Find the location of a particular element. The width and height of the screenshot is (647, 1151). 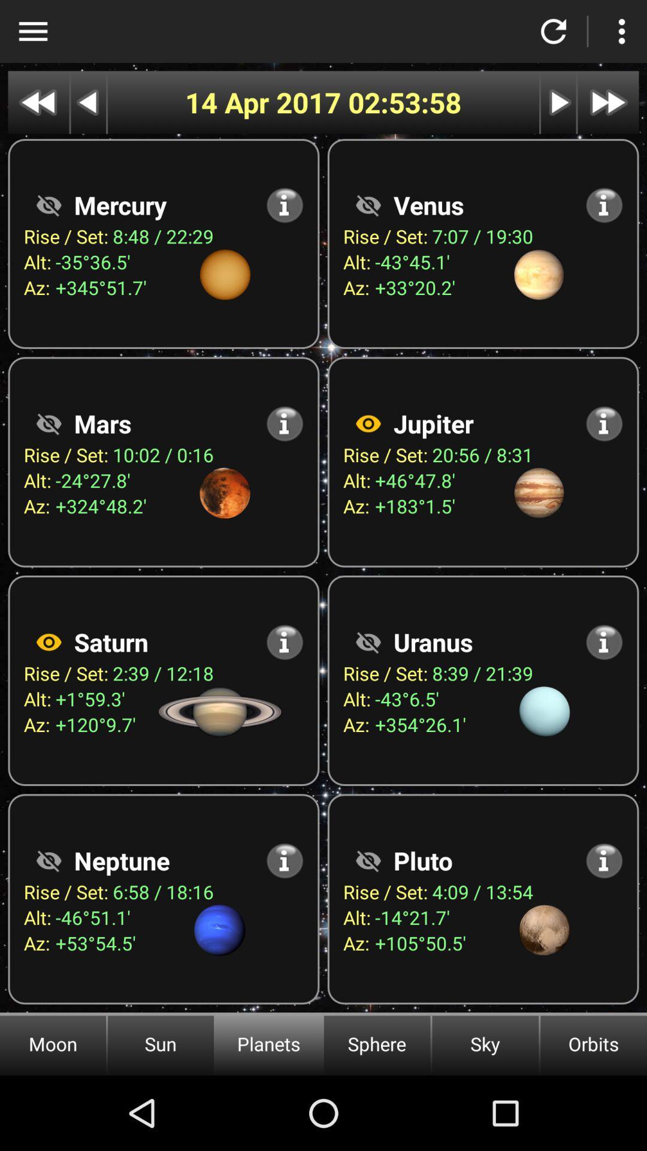

more information is located at coordinates (604, 423).